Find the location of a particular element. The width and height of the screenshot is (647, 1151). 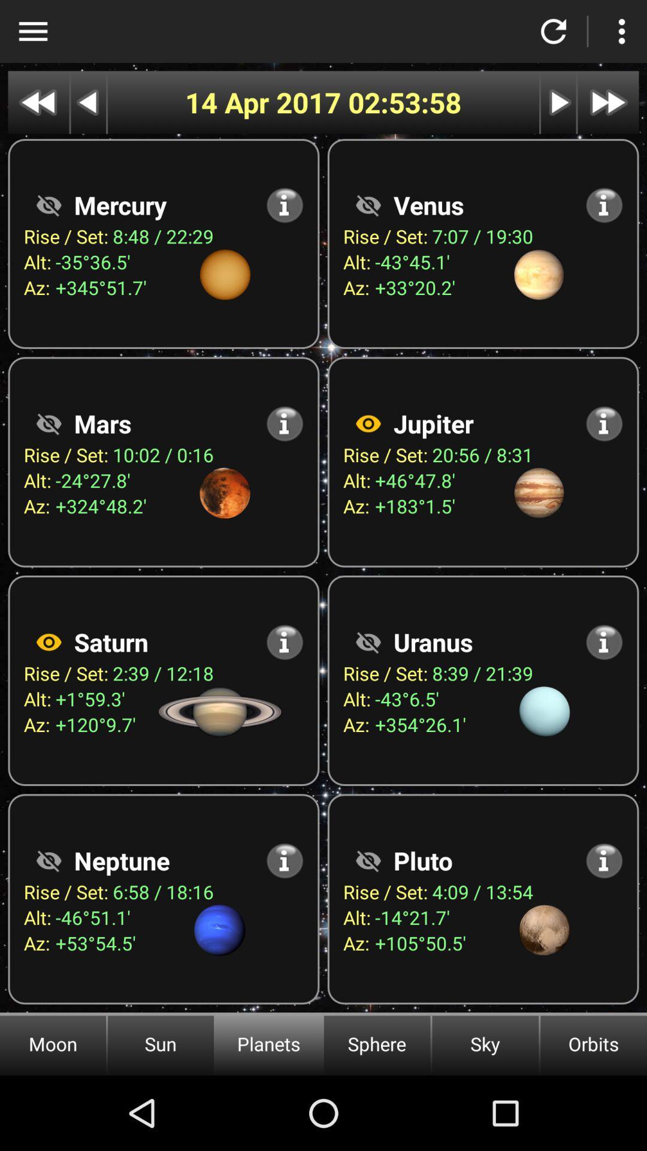

more information is located at coordinates (604, 423).